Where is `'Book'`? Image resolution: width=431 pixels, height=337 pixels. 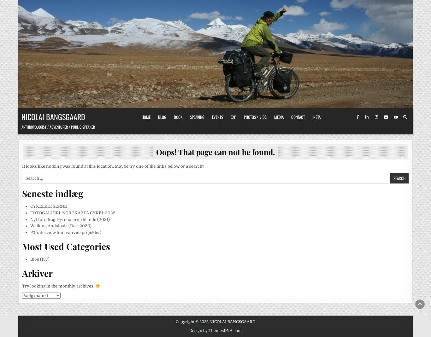
'Book' is located at coordinates (178, 117).